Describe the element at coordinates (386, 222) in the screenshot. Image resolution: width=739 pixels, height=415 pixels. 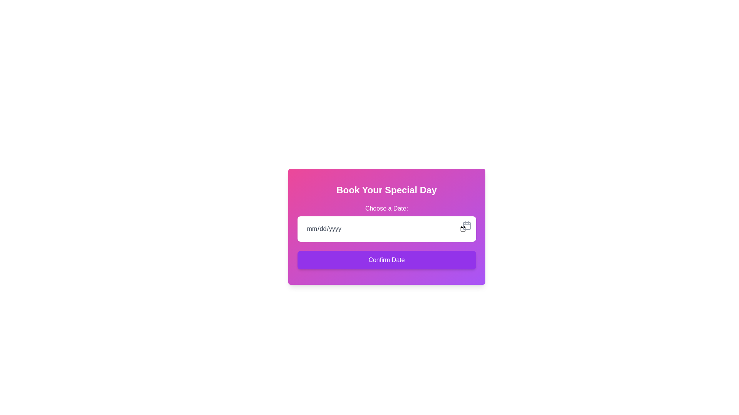
I see `the input field of the Date Picker Section located below 'Book Your Special Day' and above the 'Confirm Date' button to activate it` at that location.